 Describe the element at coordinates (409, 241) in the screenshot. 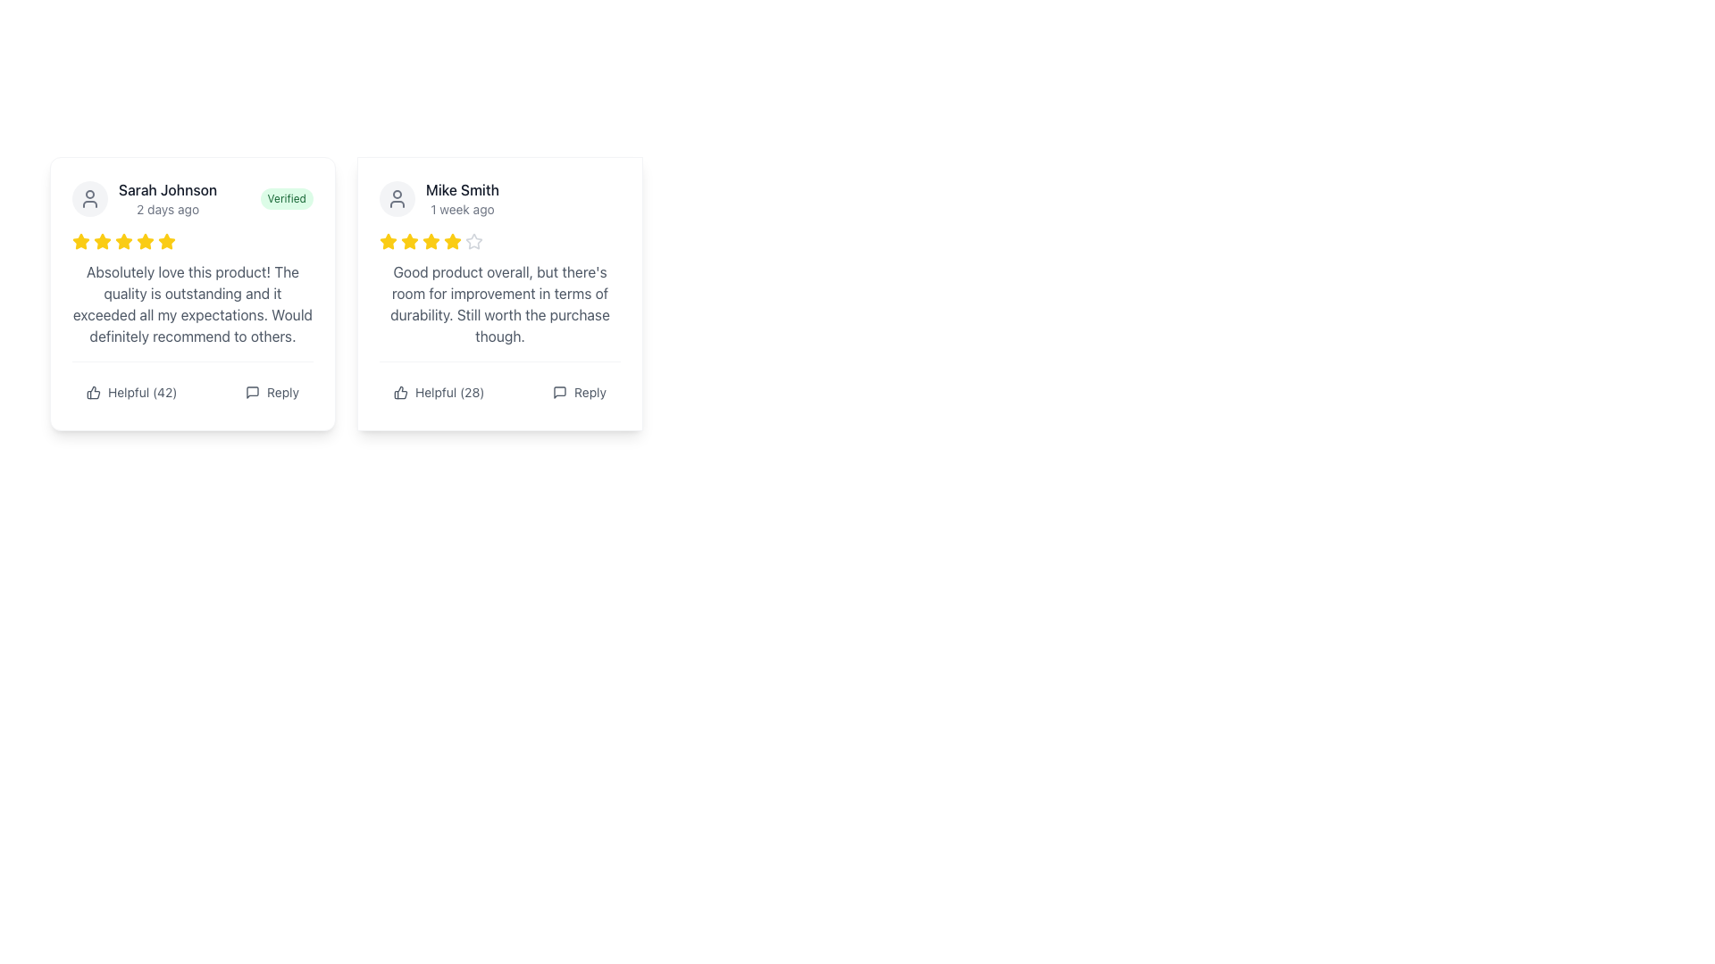

I see `third yellow star icon in the rating system associated with the review by 'Mike Smith' using the browser's developer tools` at that location.